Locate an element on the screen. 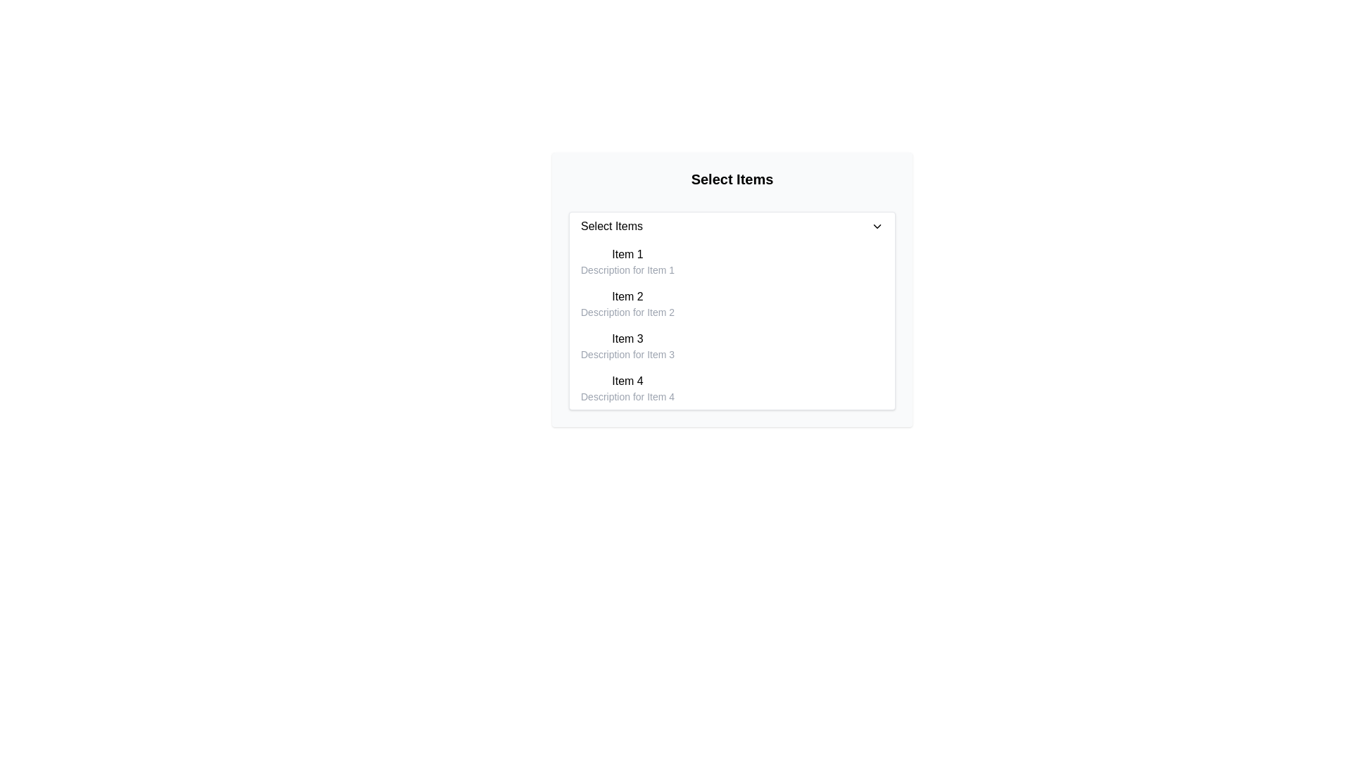 Image resolution: width=1352 pixels, height=760 pixels. the third item in the dropdown list is located at coordinates (627, 346).